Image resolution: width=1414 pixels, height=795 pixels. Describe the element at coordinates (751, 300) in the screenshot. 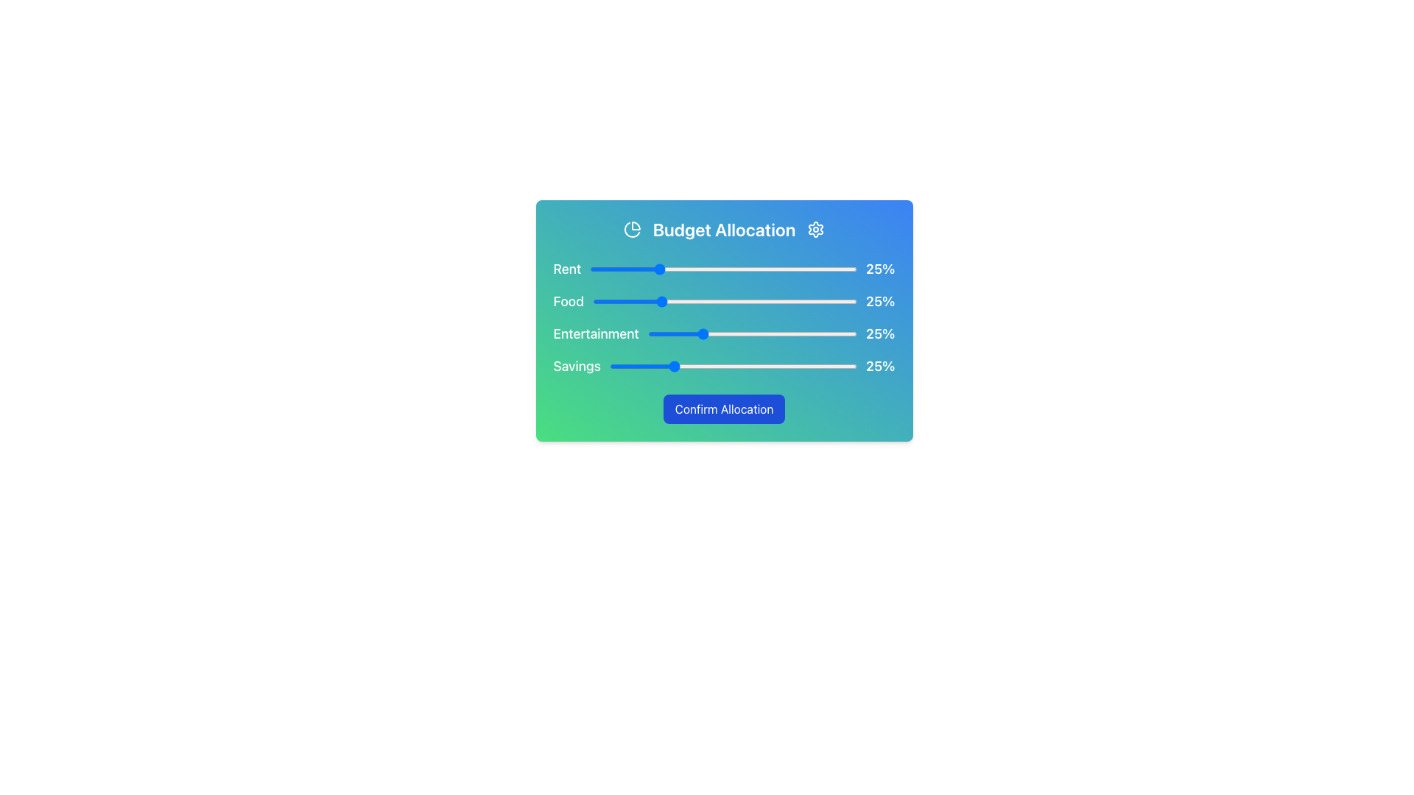

I see `the slider` at that location.